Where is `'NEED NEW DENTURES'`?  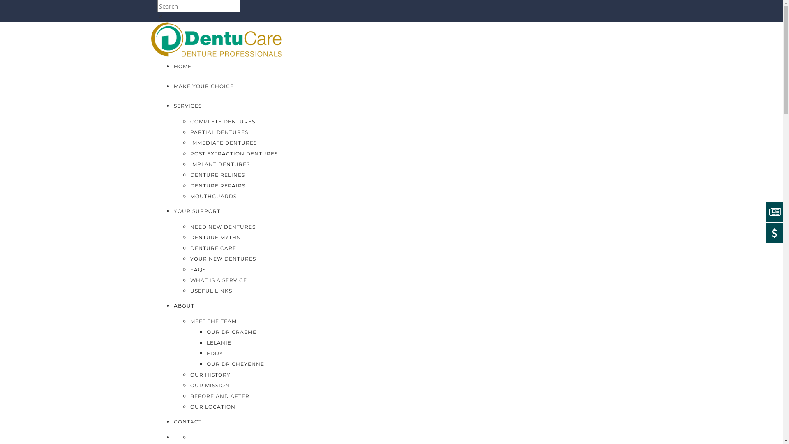 'NEED NEW DENTURES' is located at coordinates (222, 227).